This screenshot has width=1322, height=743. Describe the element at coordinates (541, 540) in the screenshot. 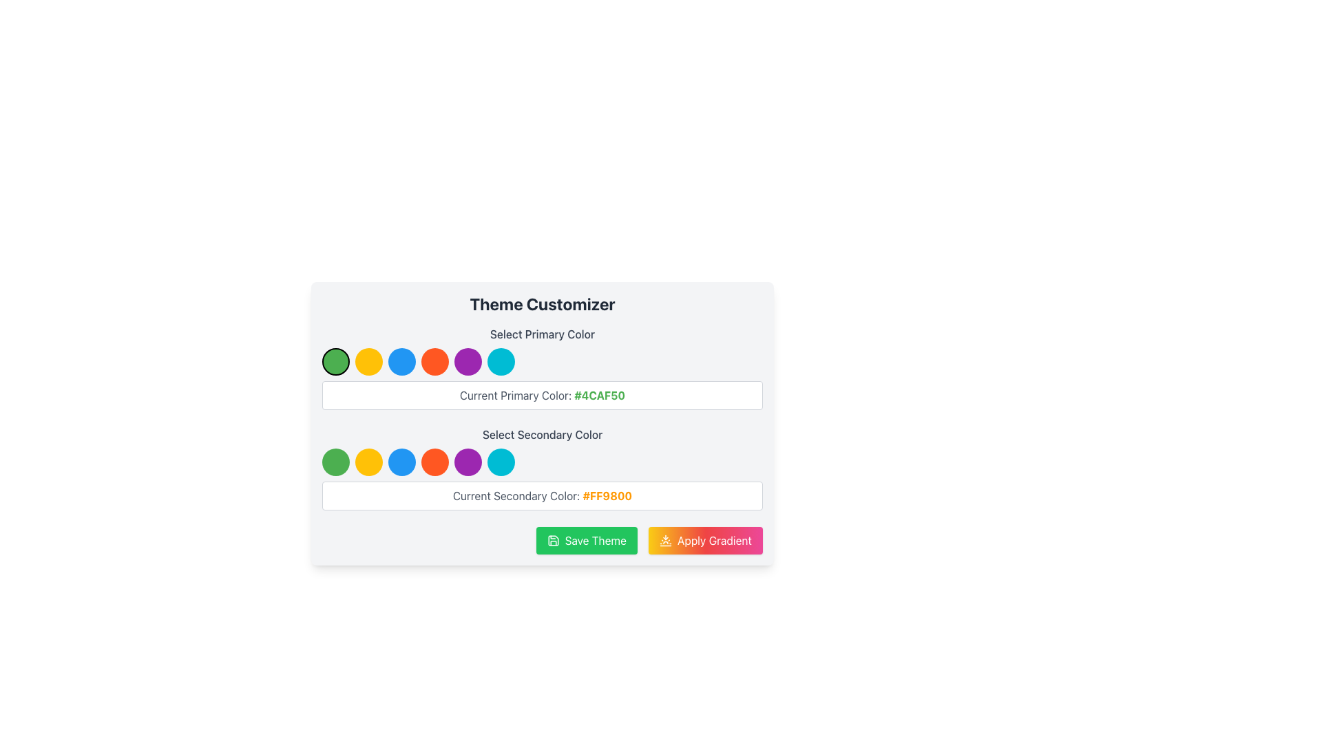

I see `the green 'Save Theme' button located in the 'Theme Customizer' section` at that location.